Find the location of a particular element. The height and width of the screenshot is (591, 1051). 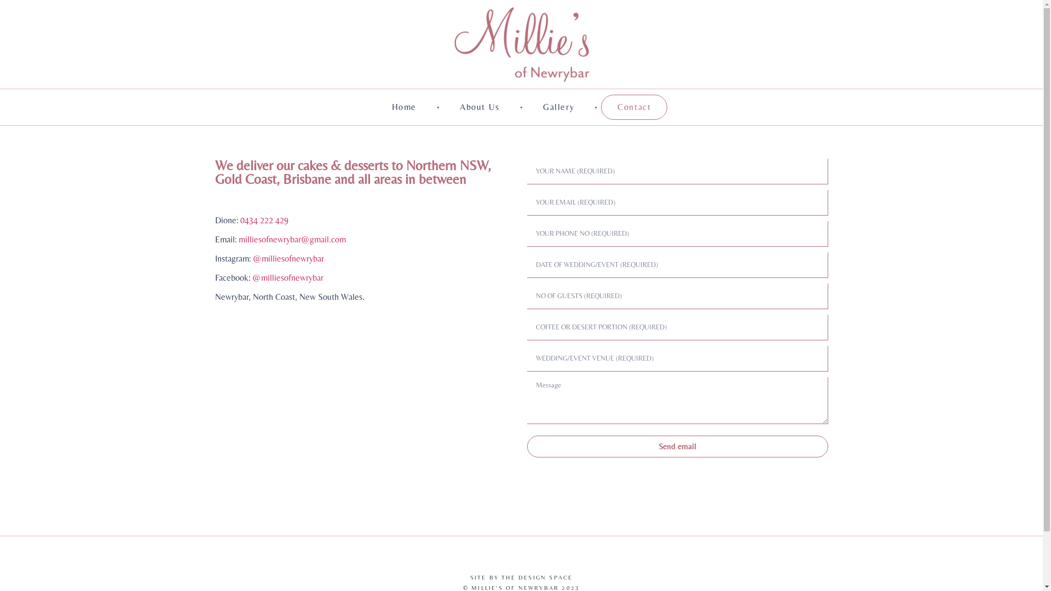

'Gallery' is located at coordinates (526, 107).